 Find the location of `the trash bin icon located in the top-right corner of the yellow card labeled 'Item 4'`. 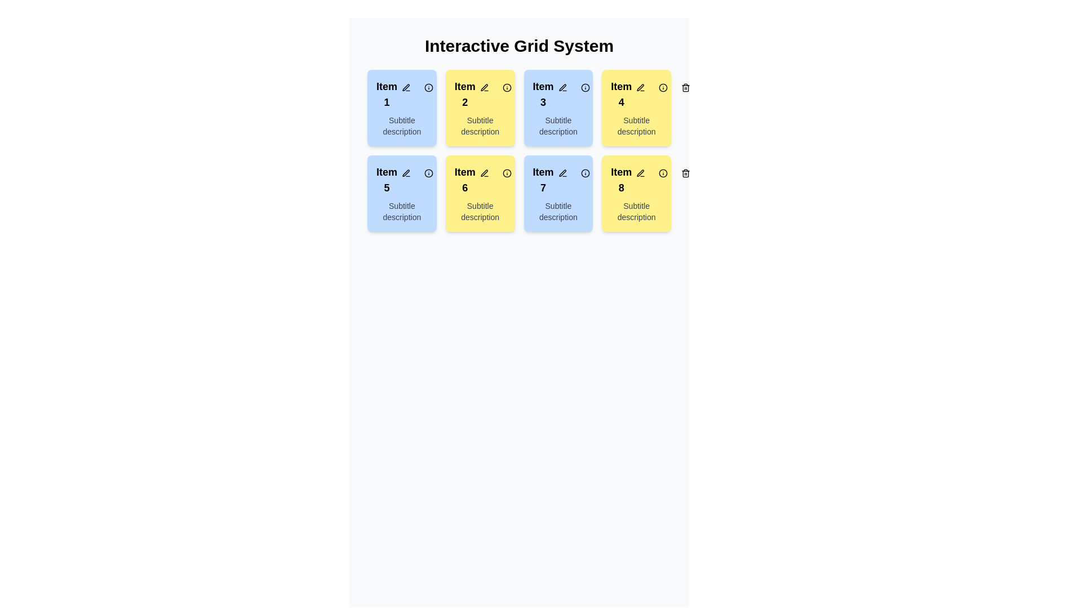

the trash bin icon located in the top-right corner of the yellow card labeled 'Item 4' is located at coordinates (607, 87).